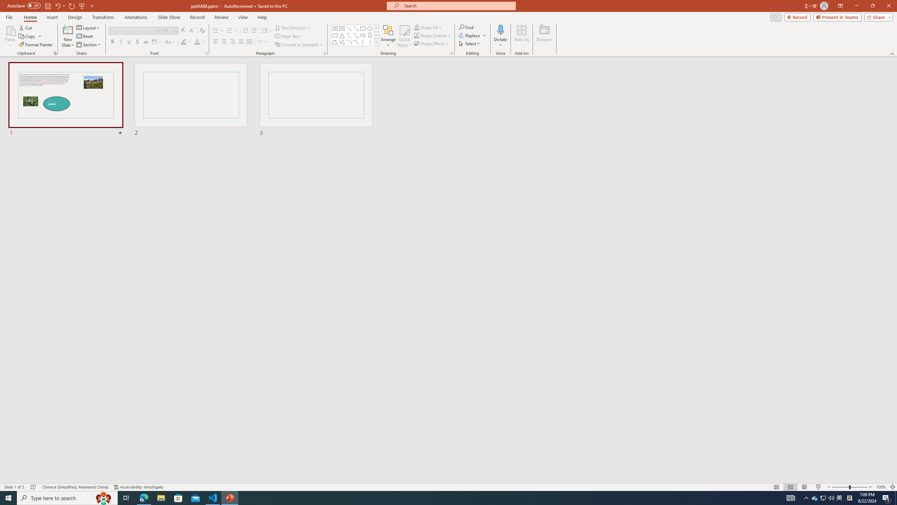 The height and width of the screenshot is (505, 897). Describe the element at coordinates (30, 36) in the screenshot. I see `'Copy'` at that location.